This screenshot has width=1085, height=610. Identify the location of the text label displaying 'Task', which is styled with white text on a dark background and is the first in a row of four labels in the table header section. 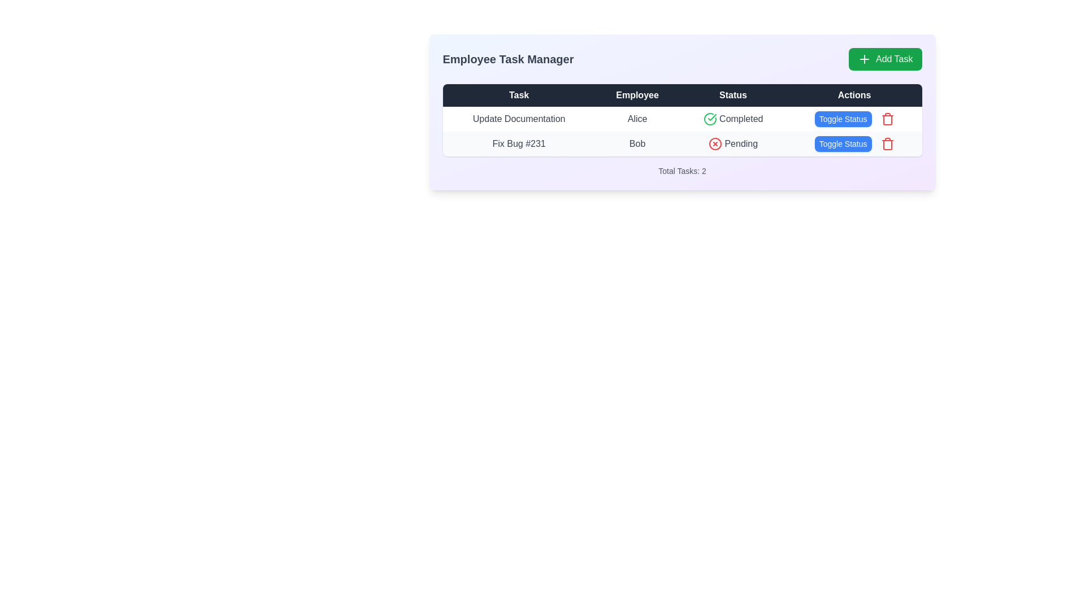
(518, 95).